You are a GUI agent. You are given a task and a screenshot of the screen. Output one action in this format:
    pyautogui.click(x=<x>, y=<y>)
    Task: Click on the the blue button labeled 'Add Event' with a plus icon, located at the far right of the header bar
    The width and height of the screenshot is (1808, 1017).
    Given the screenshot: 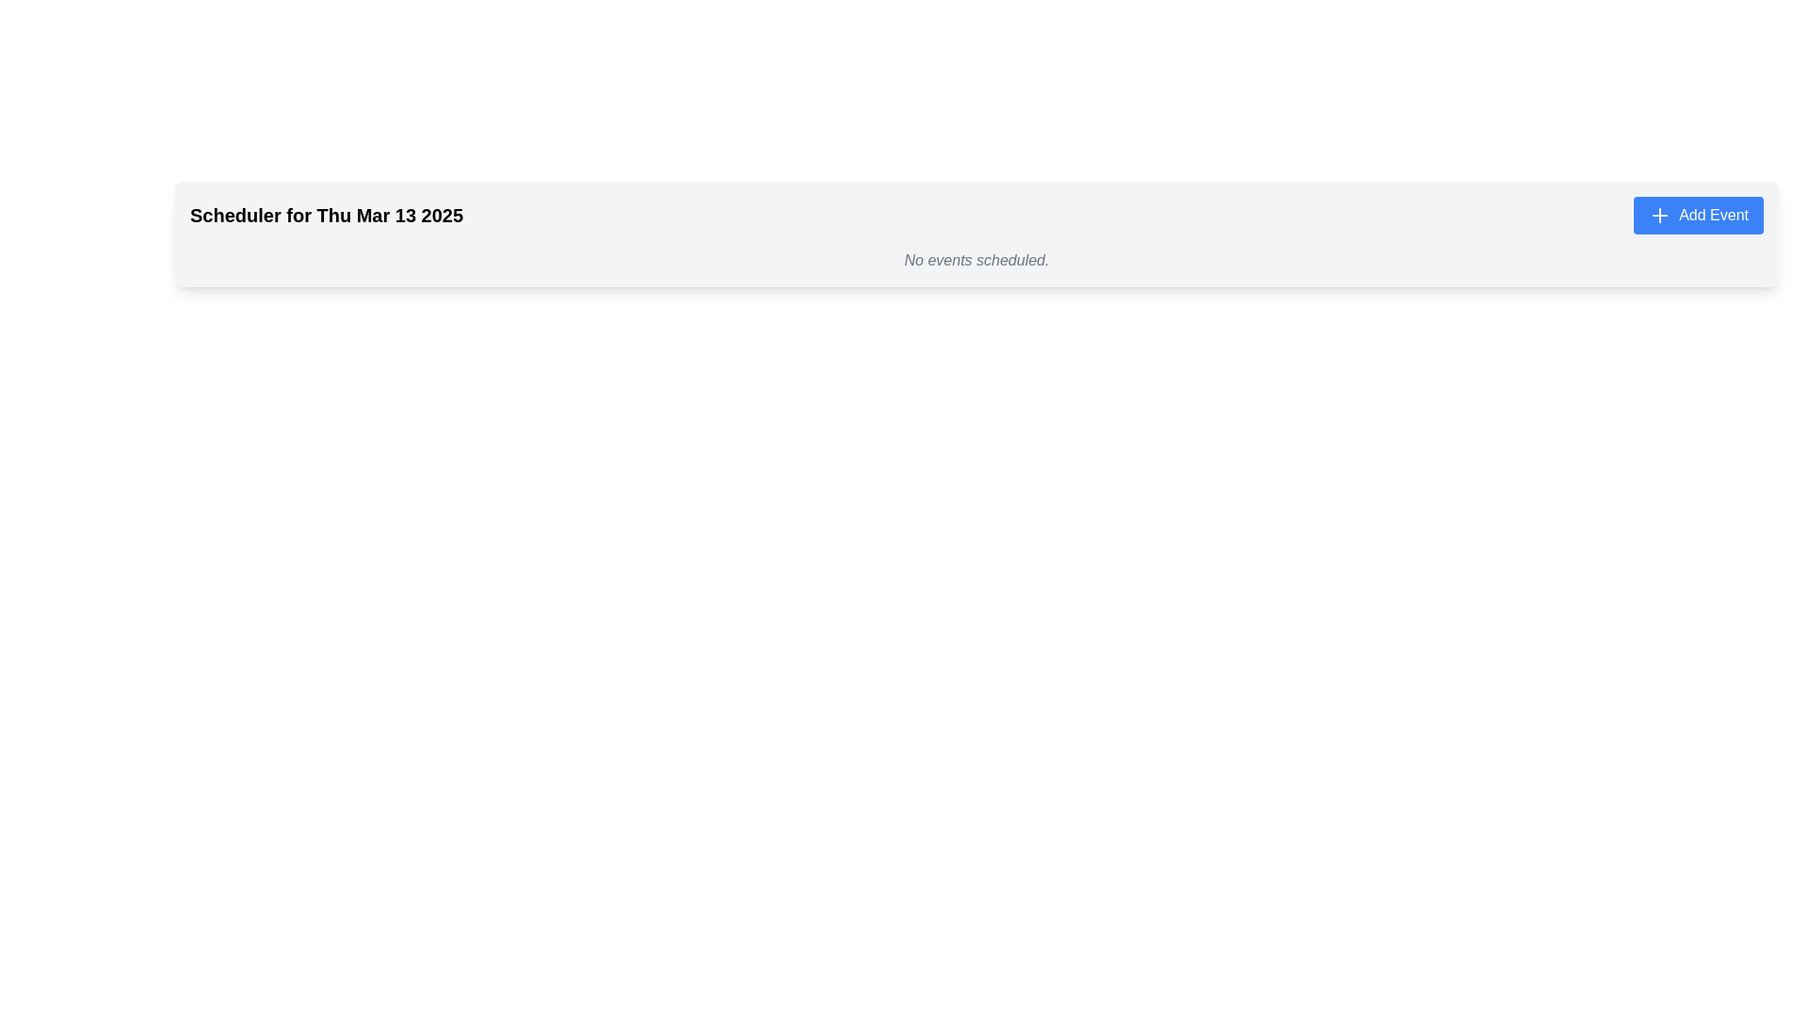 What is the action you would take?
    pyautogui.click(x=1699, y=214)
    